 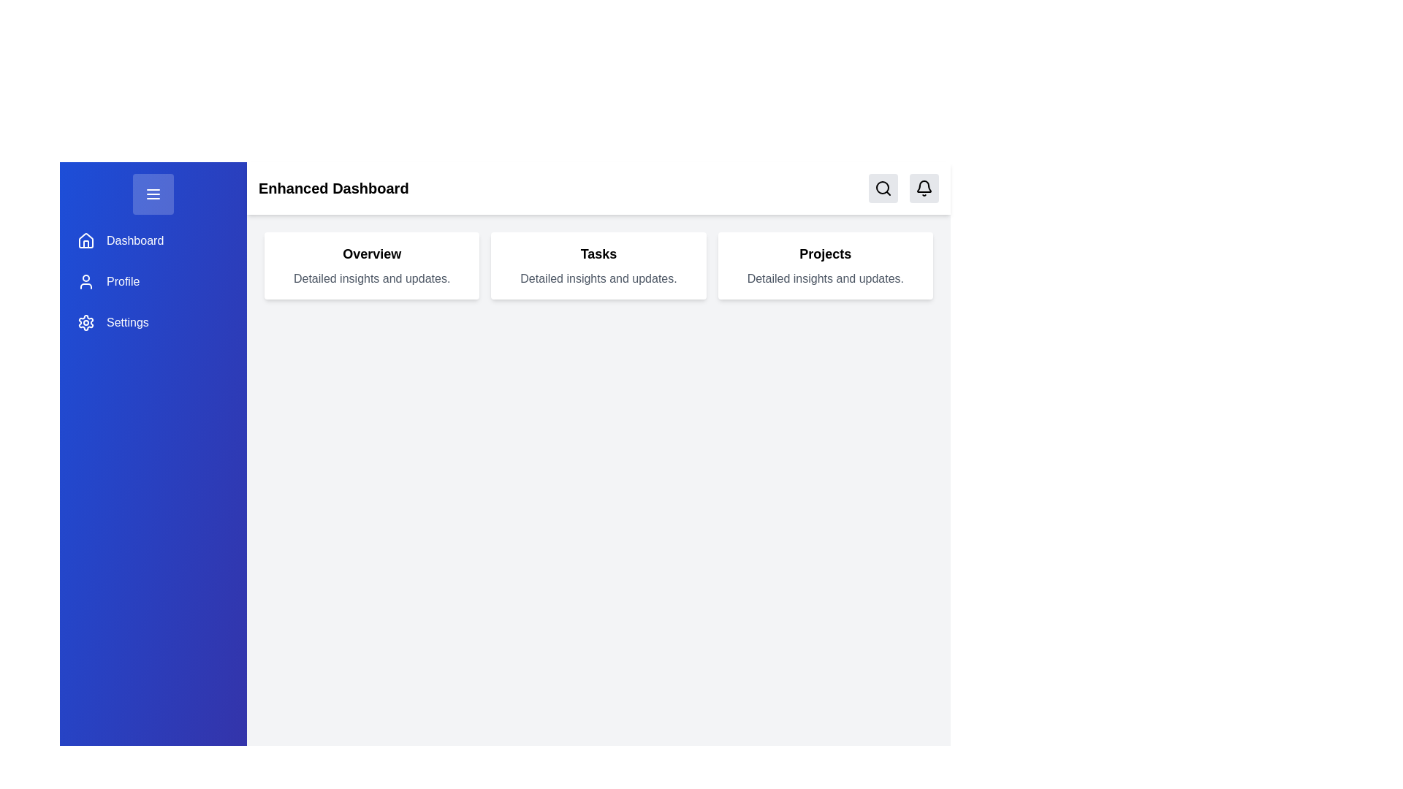 What do you see at coordinates (825, 253) in the screenshot?
I see `the 'Projects' section header text label, which indicates the section's purpose and is located above the descriptive text 'Detailed insights and updates.'` at bounding box center [825, 253].